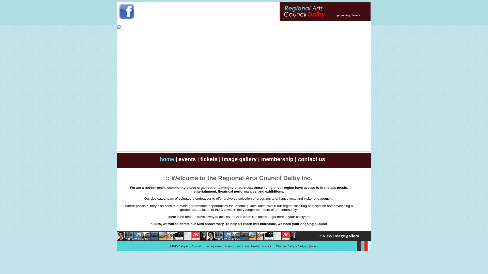  Describe the element at coordinates (224, 246) in the screenshot. I see `'tickets'` at that location.